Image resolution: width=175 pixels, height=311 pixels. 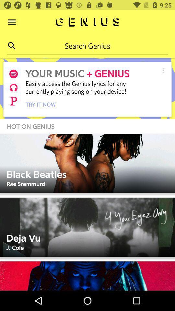 What do you see at coordinates (163, 70) in the screenshot?
I see `the item to the right of + genius icon` at bounding box center [163, 70].